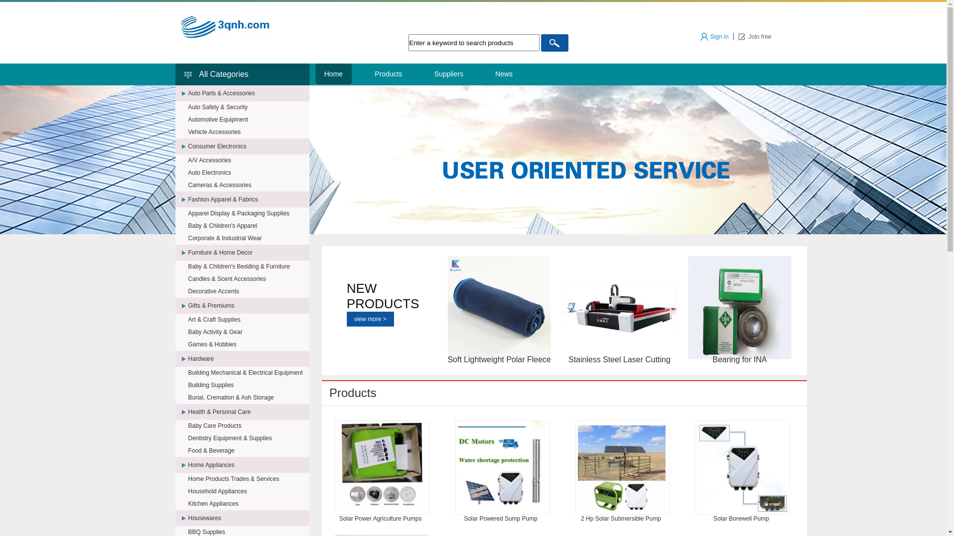 This screenshot has height=536, width=954. Describe the element at coordinates (248, 373) in the screenshot. I see `'Building Mechanical & Electrical Equipment'` at that location.